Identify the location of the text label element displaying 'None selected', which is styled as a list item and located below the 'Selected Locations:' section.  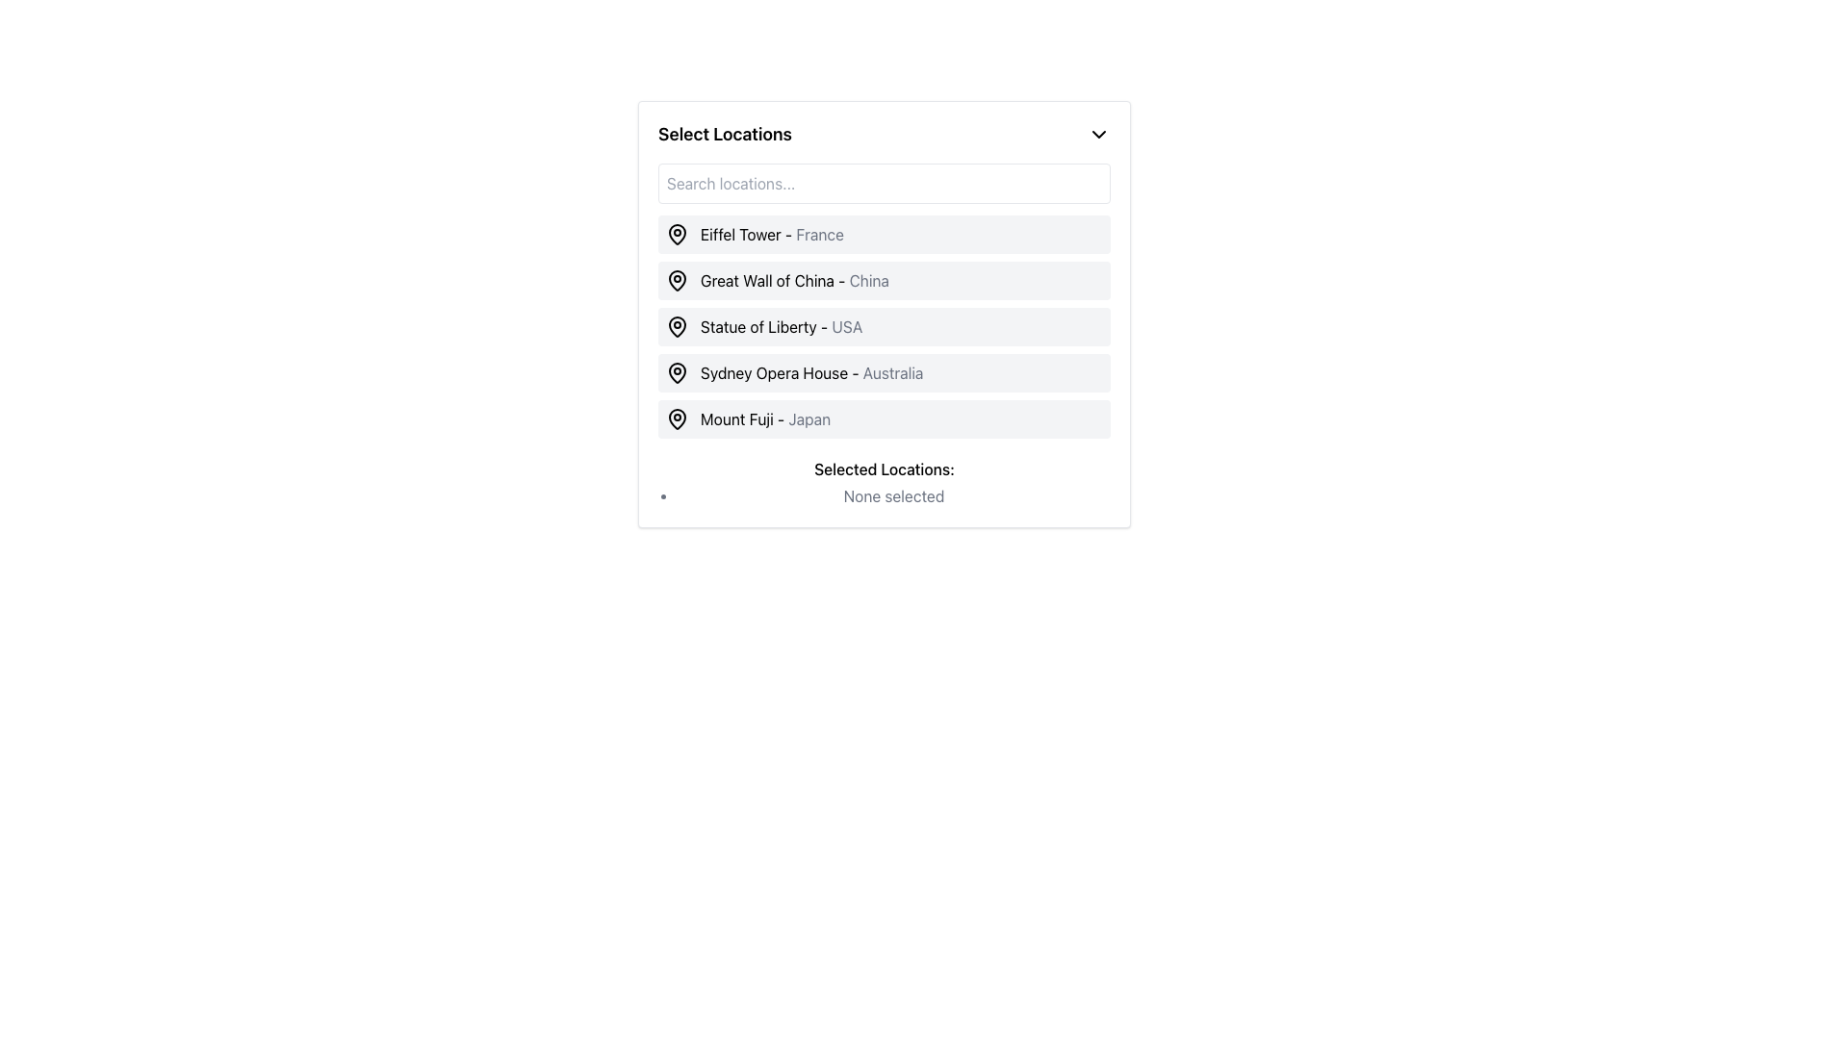
(893, 495).